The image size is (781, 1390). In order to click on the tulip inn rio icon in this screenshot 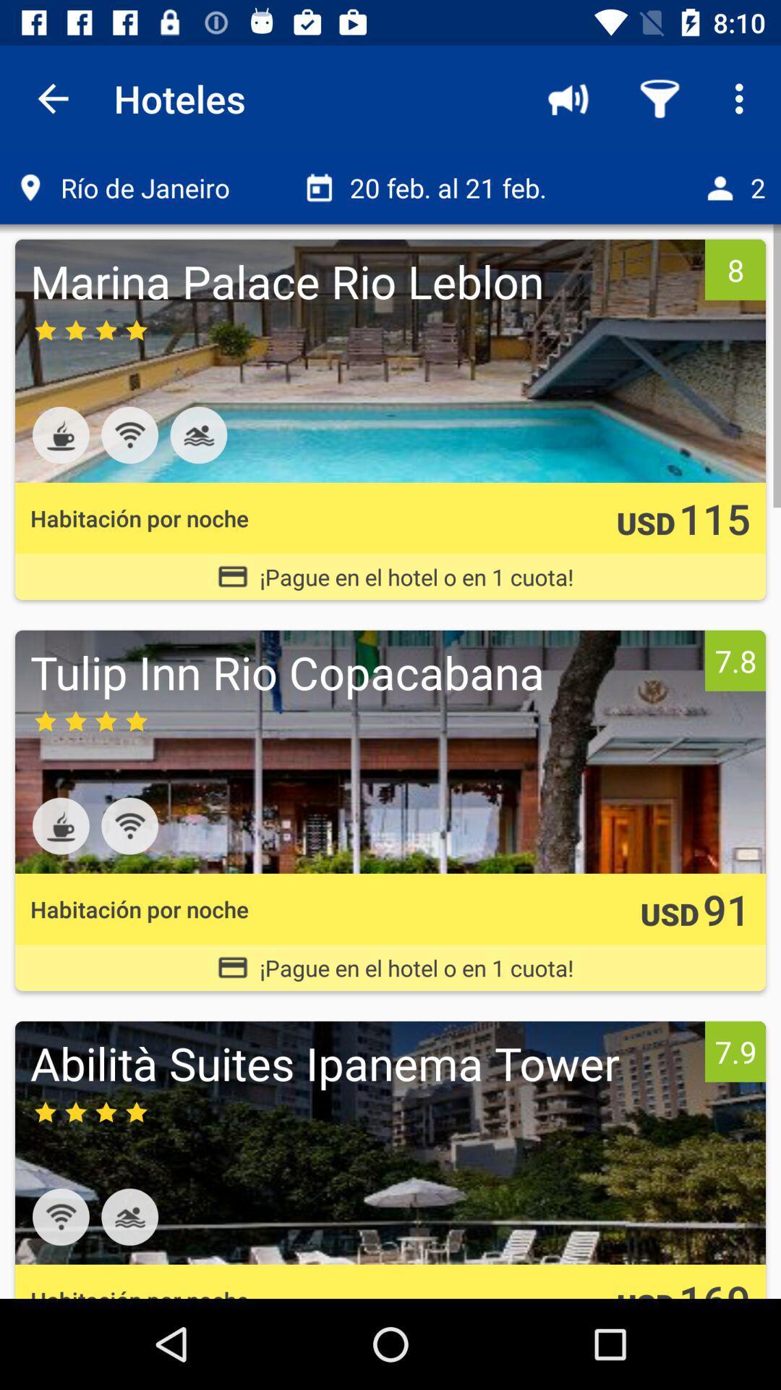, I will do `click(363, 671)`.